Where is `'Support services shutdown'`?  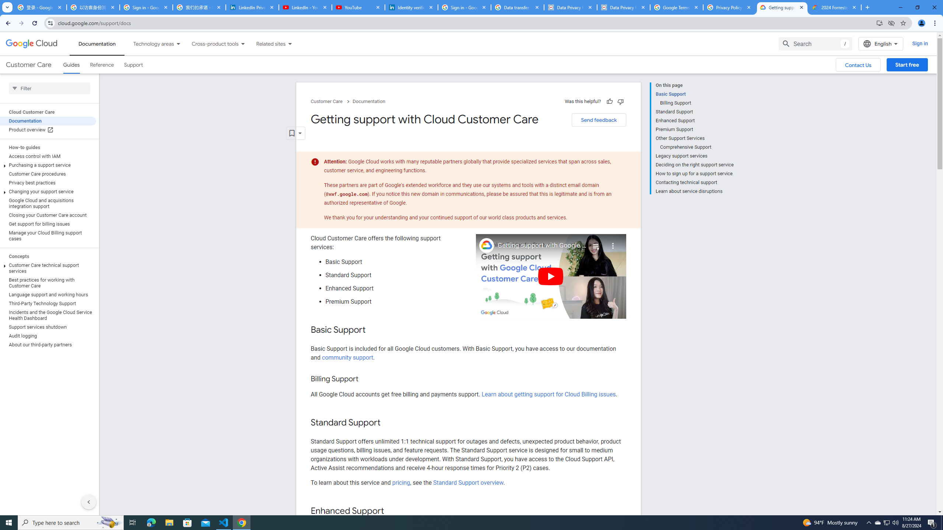 'Support services shutdown' is located at coordinates (48, 327).